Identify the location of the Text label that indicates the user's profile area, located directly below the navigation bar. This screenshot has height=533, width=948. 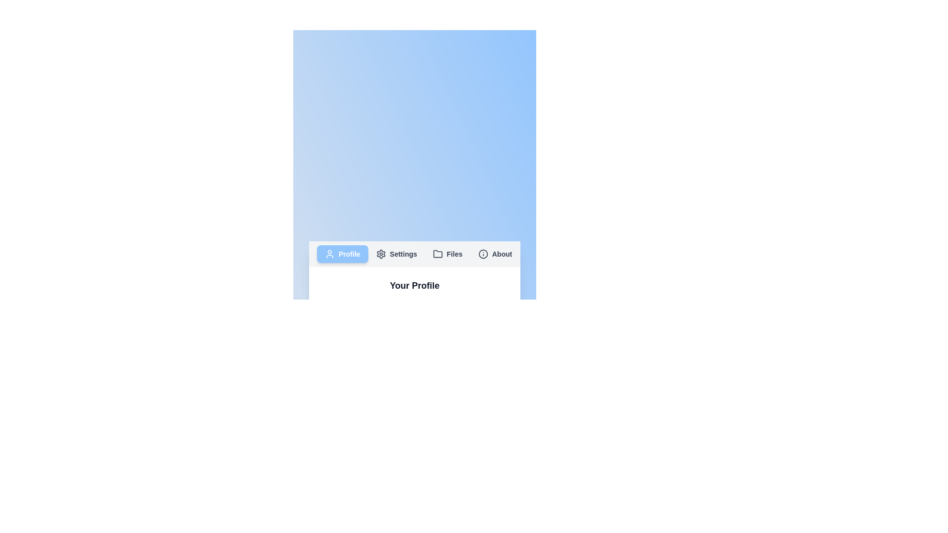
(415, 285).